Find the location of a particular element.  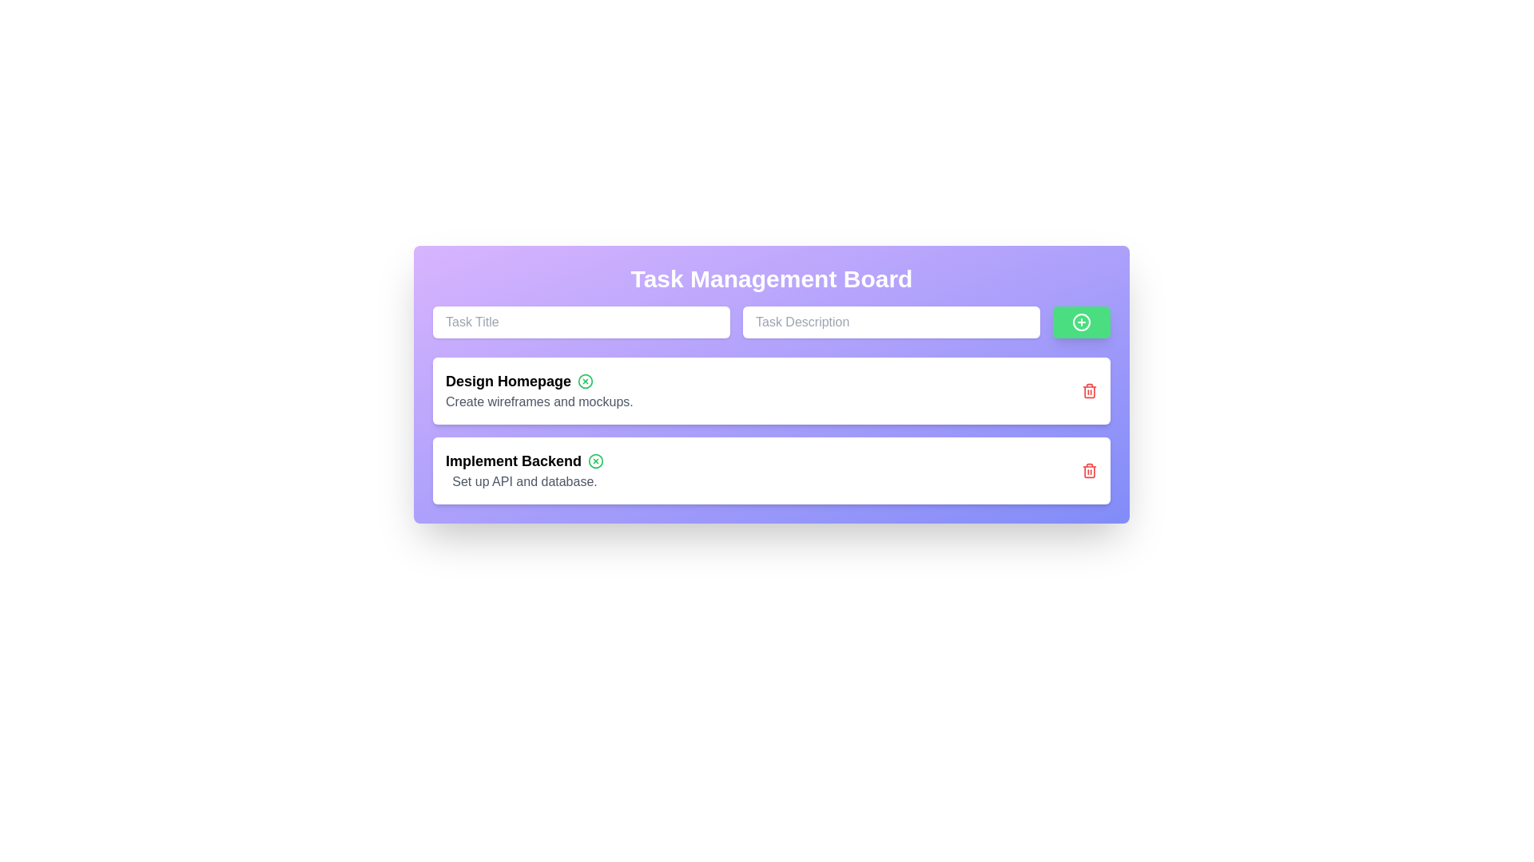

the first task card in the task management board that displays the task's title and a brief description is located at coordinates (539, 390).